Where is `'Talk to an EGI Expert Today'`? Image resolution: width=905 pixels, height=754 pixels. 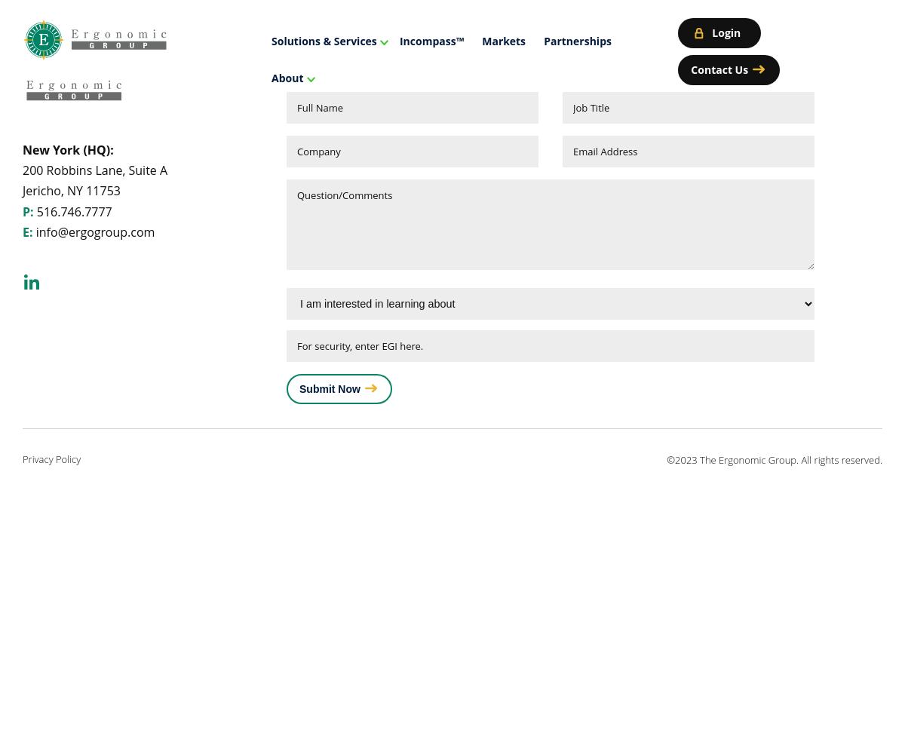 'Talk to an EGI Expert Today' is located at coordinates (431, 51).